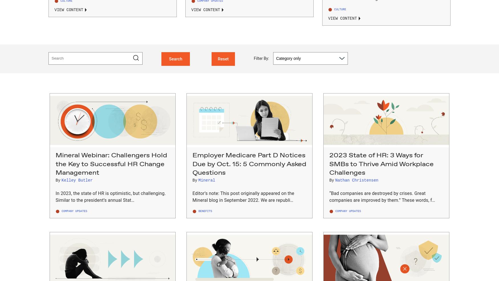  Describe the element at coordinates (253, 58) in the screenshot. I see `'Filter By:'` at that location.